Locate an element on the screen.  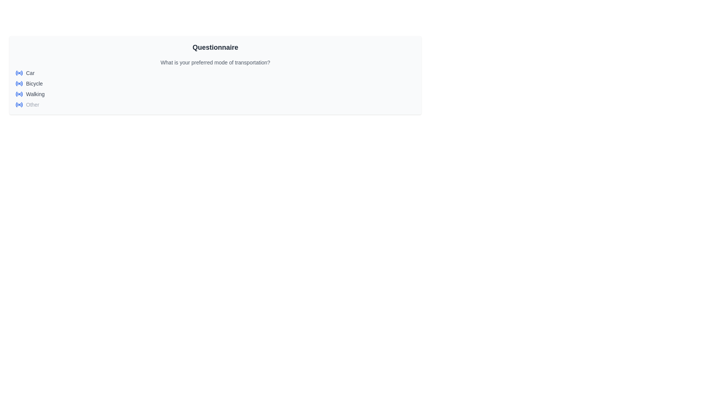
the 'Car' label that describes the associated radio button option, which is positioned immediately to the right of its graphical radio icon is located at coordinates (30, 73).